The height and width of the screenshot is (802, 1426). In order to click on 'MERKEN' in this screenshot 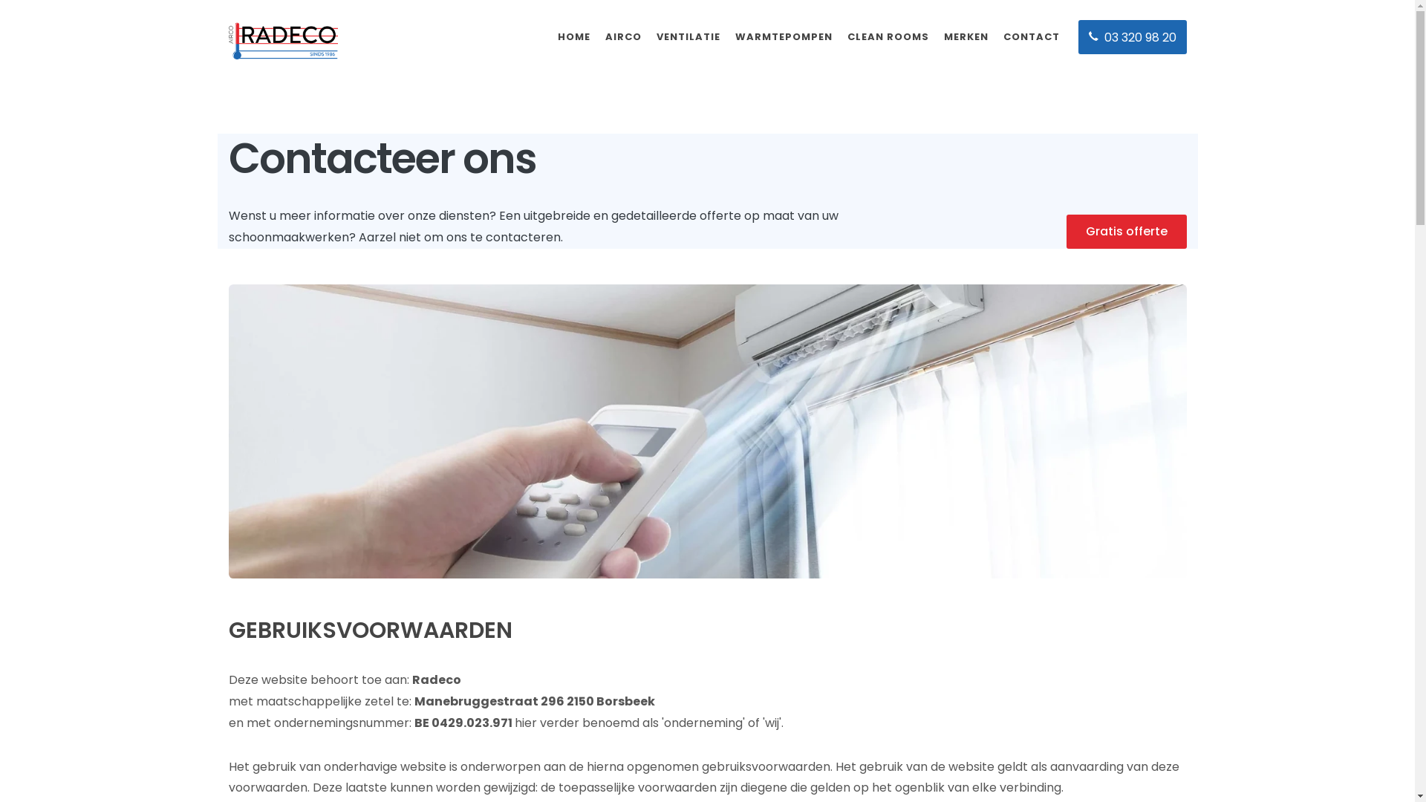, I will do `click(966, 36)`.